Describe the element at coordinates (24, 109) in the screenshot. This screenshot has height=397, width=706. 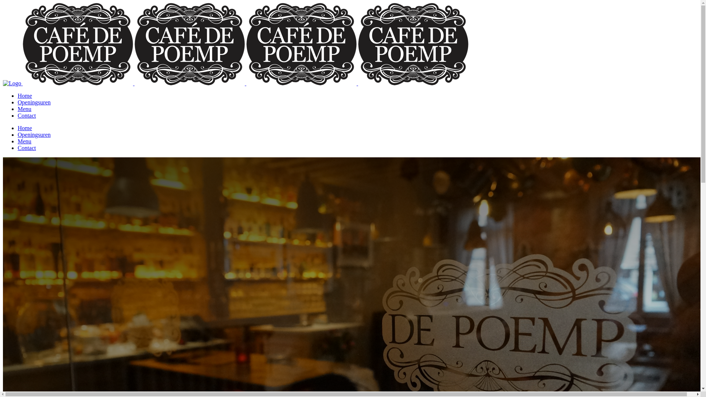
I see `'Menu'` at that location.